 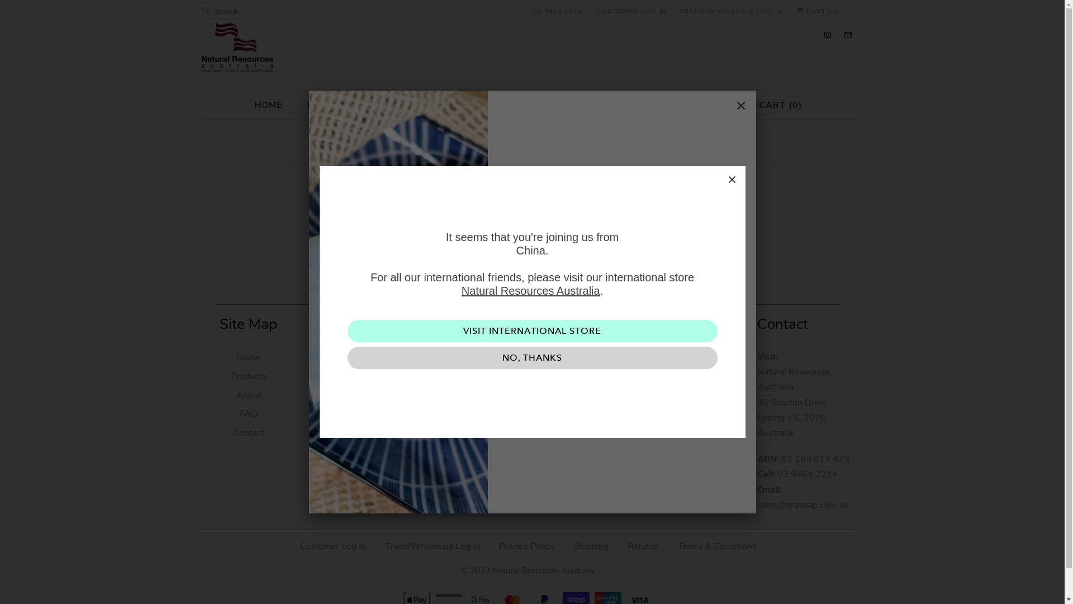 I want to click on 'Trade/Wholesale Log In', so click(x=431, y=545).